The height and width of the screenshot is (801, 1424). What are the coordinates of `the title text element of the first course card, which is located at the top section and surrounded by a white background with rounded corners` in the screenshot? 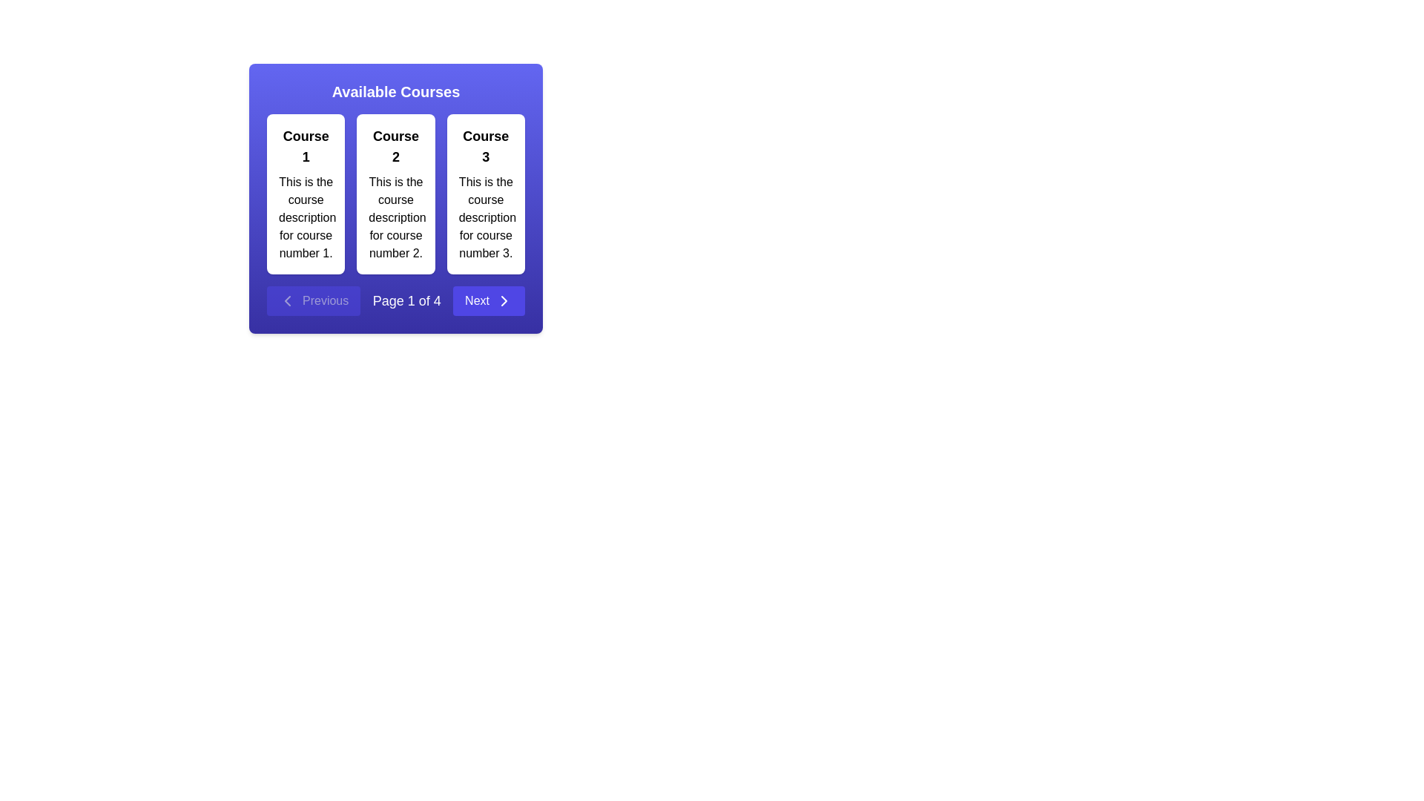 It's located at (305, 146).